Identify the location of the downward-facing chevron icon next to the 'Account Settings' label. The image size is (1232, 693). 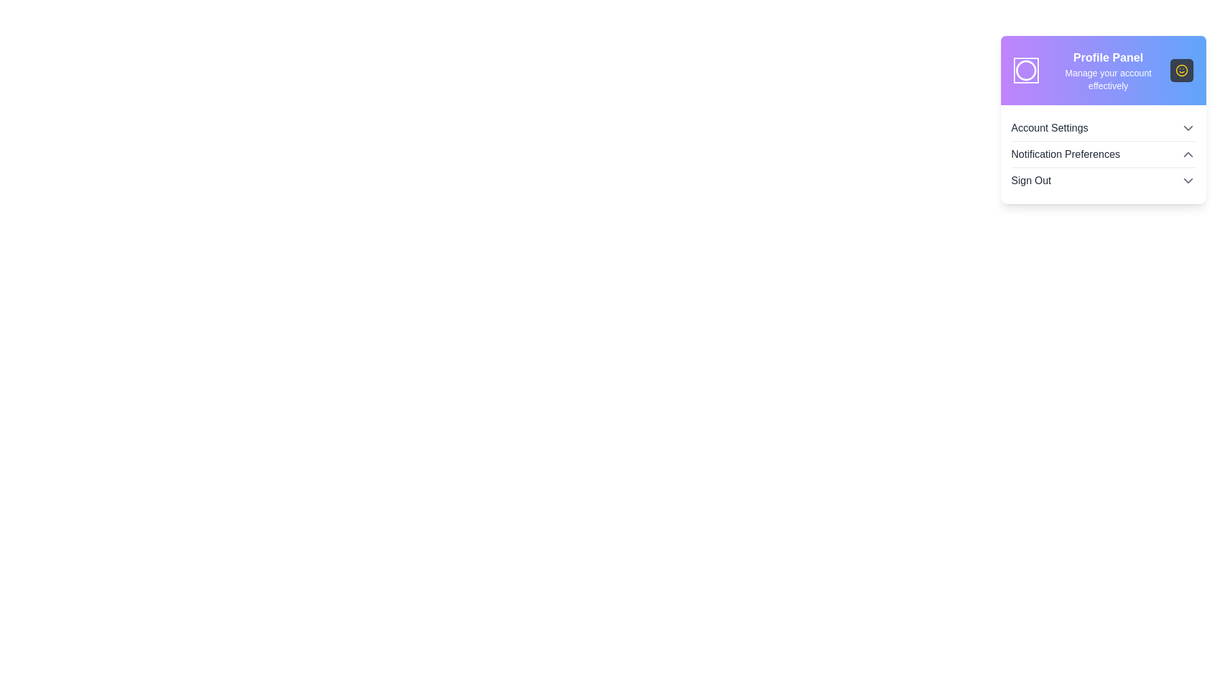
(1188, 128).